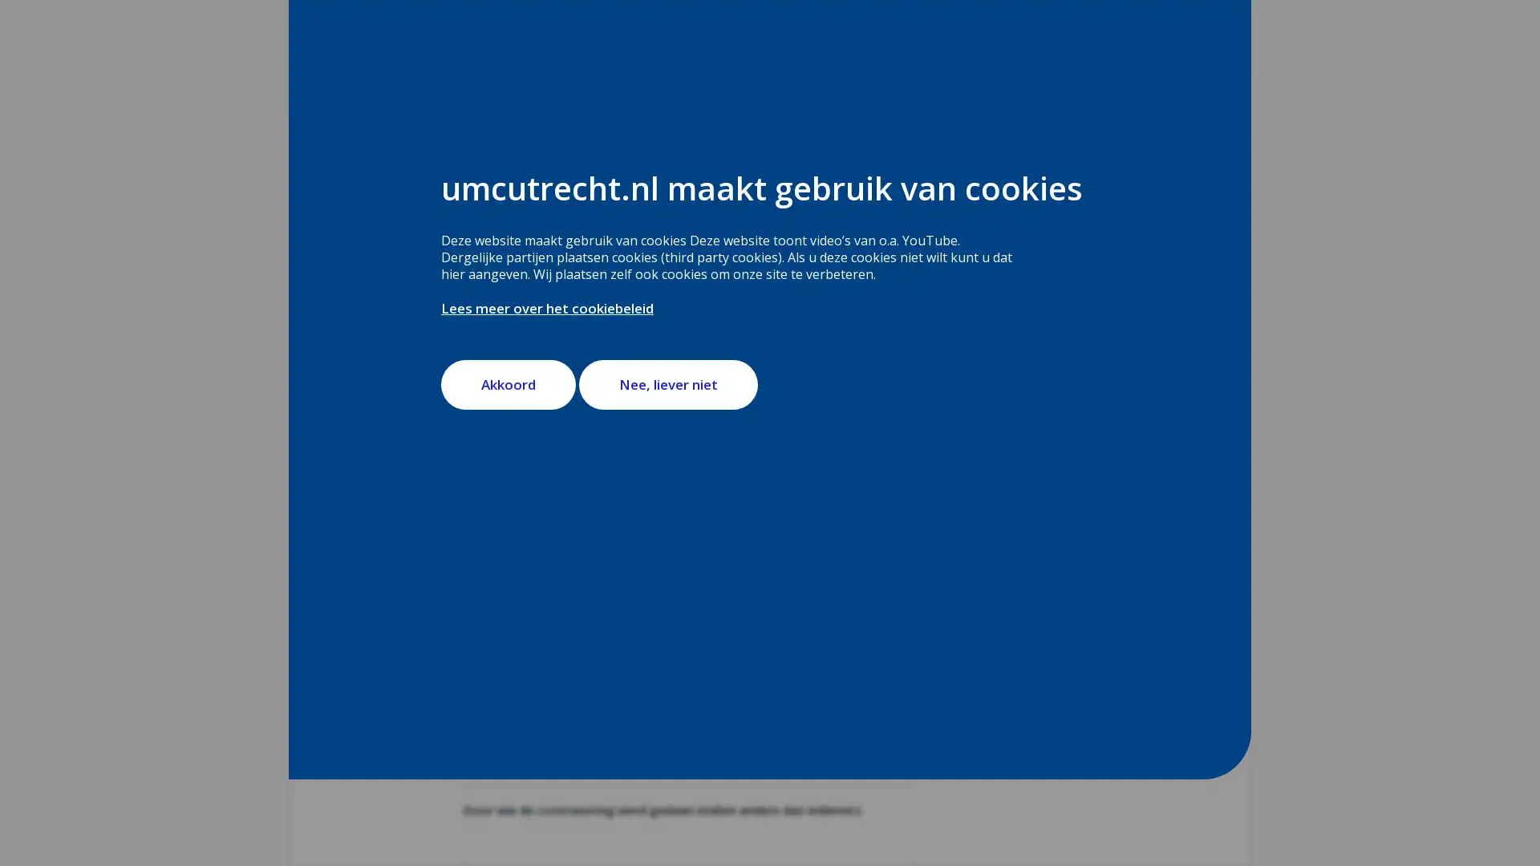  I want to click on webReader menu, so click(476, 297).